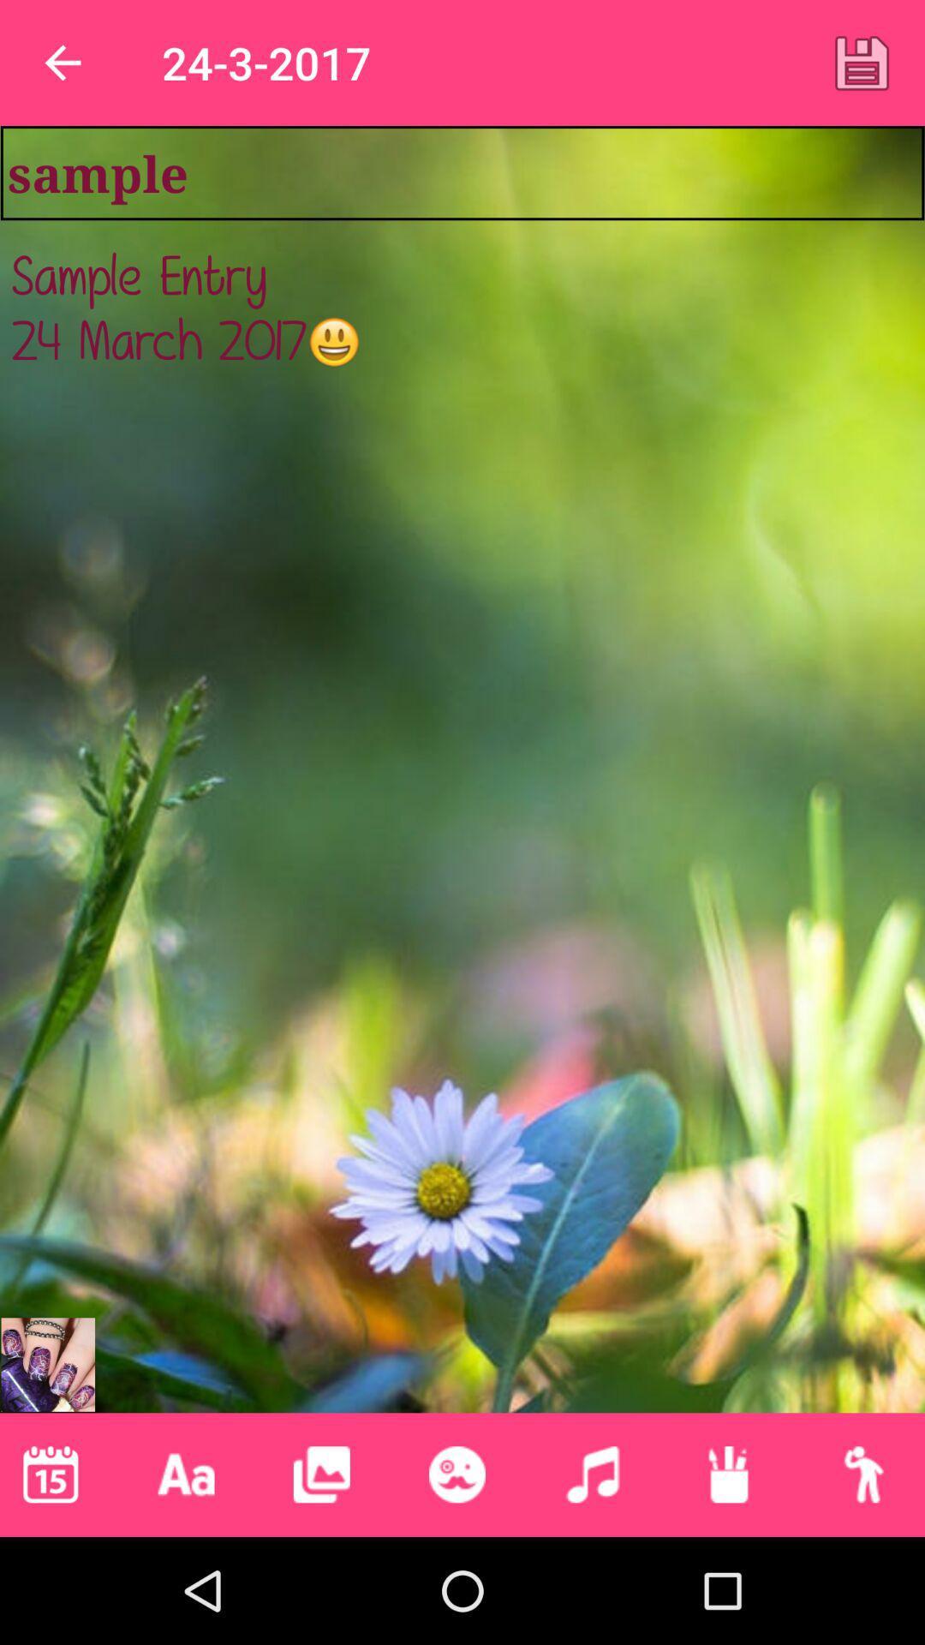 The height and width of the screenshot is (1645, 925). I want to click on the music icon, so click(592, 1474).